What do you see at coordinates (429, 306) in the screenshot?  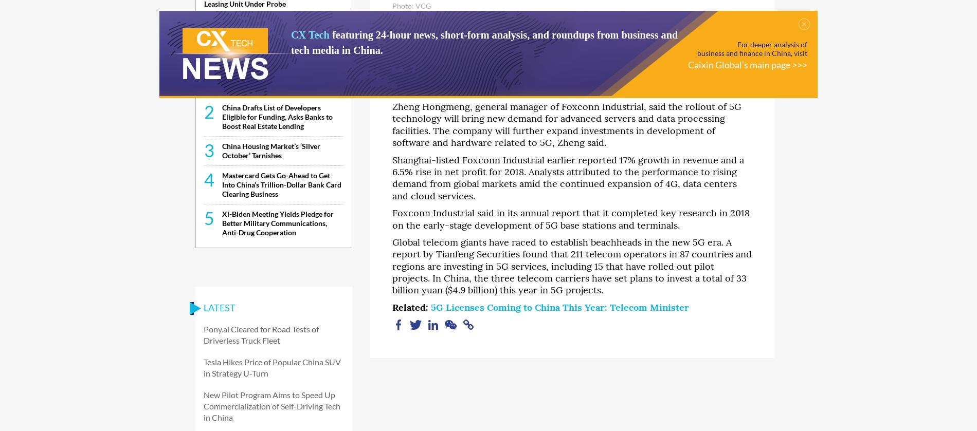 I see `'5G Licenses Coming to China This Year: Telecom Minister'` at bounding box center [429, 306].